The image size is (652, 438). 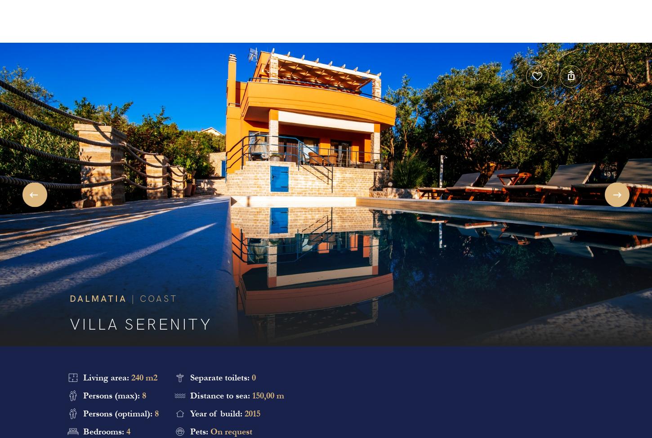 I want to click on 'About us', so click(x=328, y=22).